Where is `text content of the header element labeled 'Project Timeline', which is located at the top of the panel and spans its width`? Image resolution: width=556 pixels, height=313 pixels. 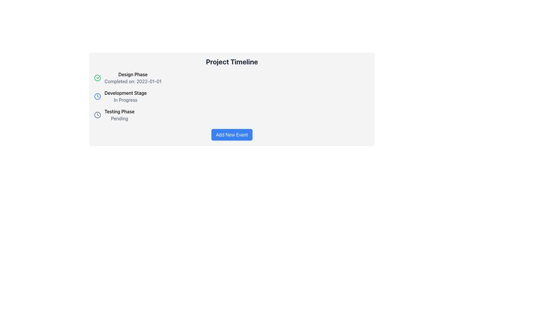
text content of the header element labeled 'Project Timeline', which is located at the top of the panel and spans its width is located at coordinates (232, 61).